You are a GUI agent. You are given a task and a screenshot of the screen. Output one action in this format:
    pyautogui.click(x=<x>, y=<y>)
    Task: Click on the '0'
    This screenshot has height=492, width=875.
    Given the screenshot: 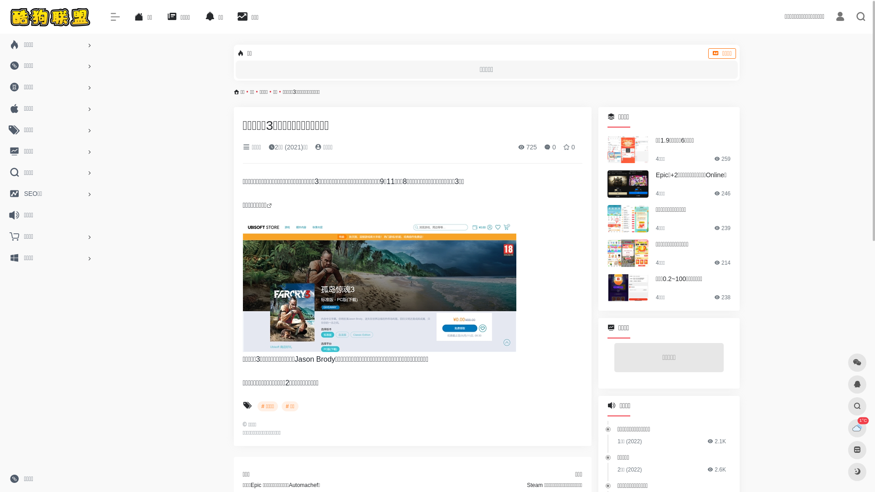 What is the action you would take?
    pyautogui.click(x=563, y=147)
    